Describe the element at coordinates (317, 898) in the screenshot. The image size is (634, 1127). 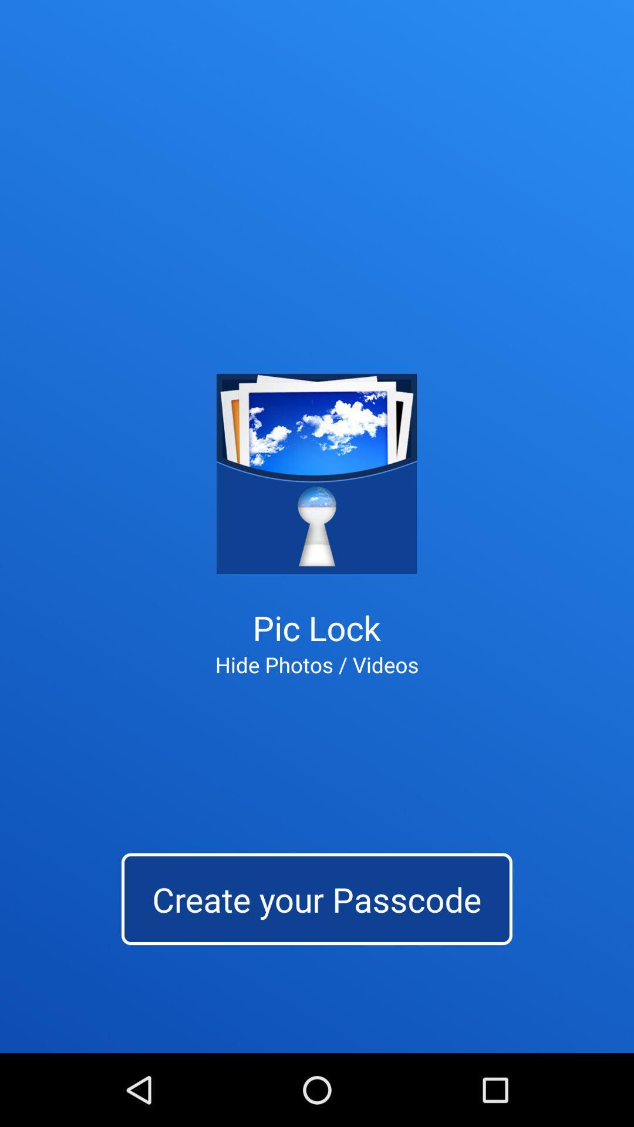
I see `the app below the hide photos / videos` at that location.